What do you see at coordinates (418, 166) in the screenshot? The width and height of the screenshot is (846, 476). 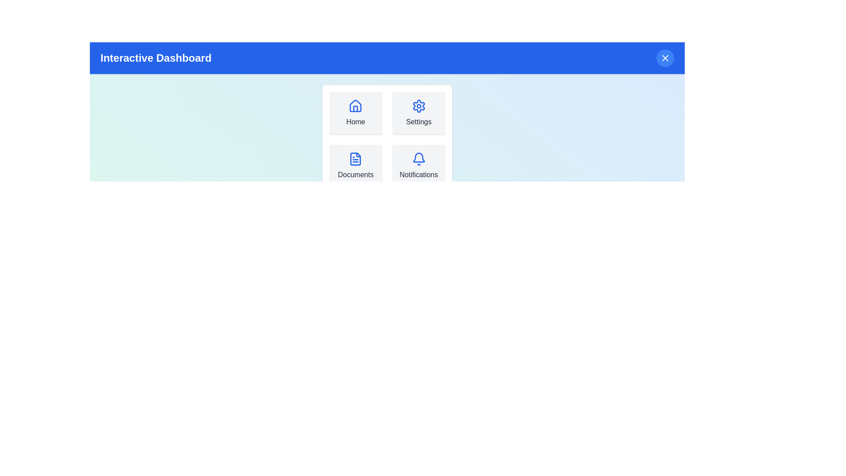 I see `the menu item Notifications` at bounding box center [418, 166].